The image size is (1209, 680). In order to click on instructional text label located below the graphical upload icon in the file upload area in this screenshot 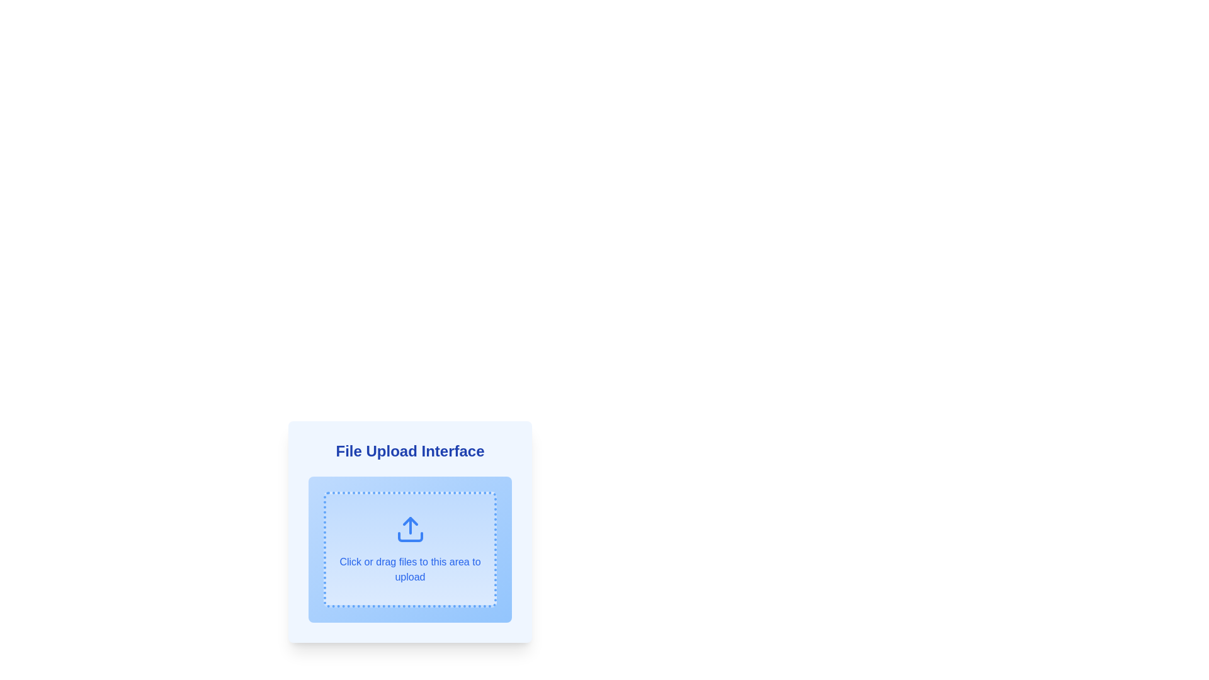, I will do `click(410, 570)`.